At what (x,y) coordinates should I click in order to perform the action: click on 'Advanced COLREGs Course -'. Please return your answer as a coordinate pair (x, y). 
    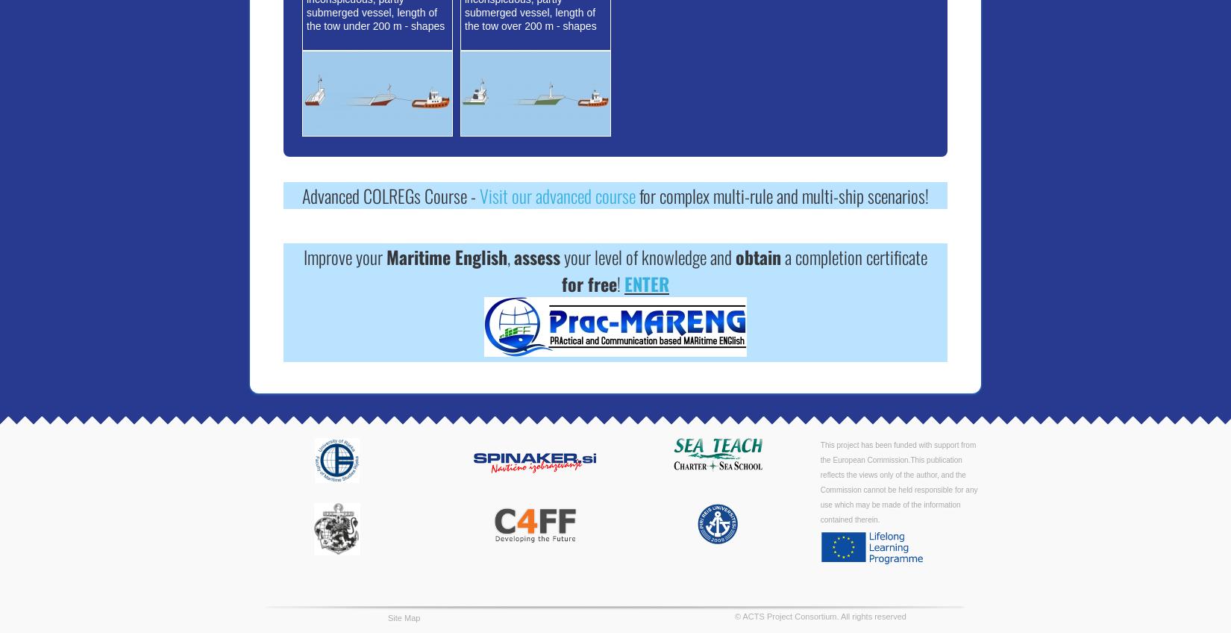
    Looking at the image, I should click on (390, 195).